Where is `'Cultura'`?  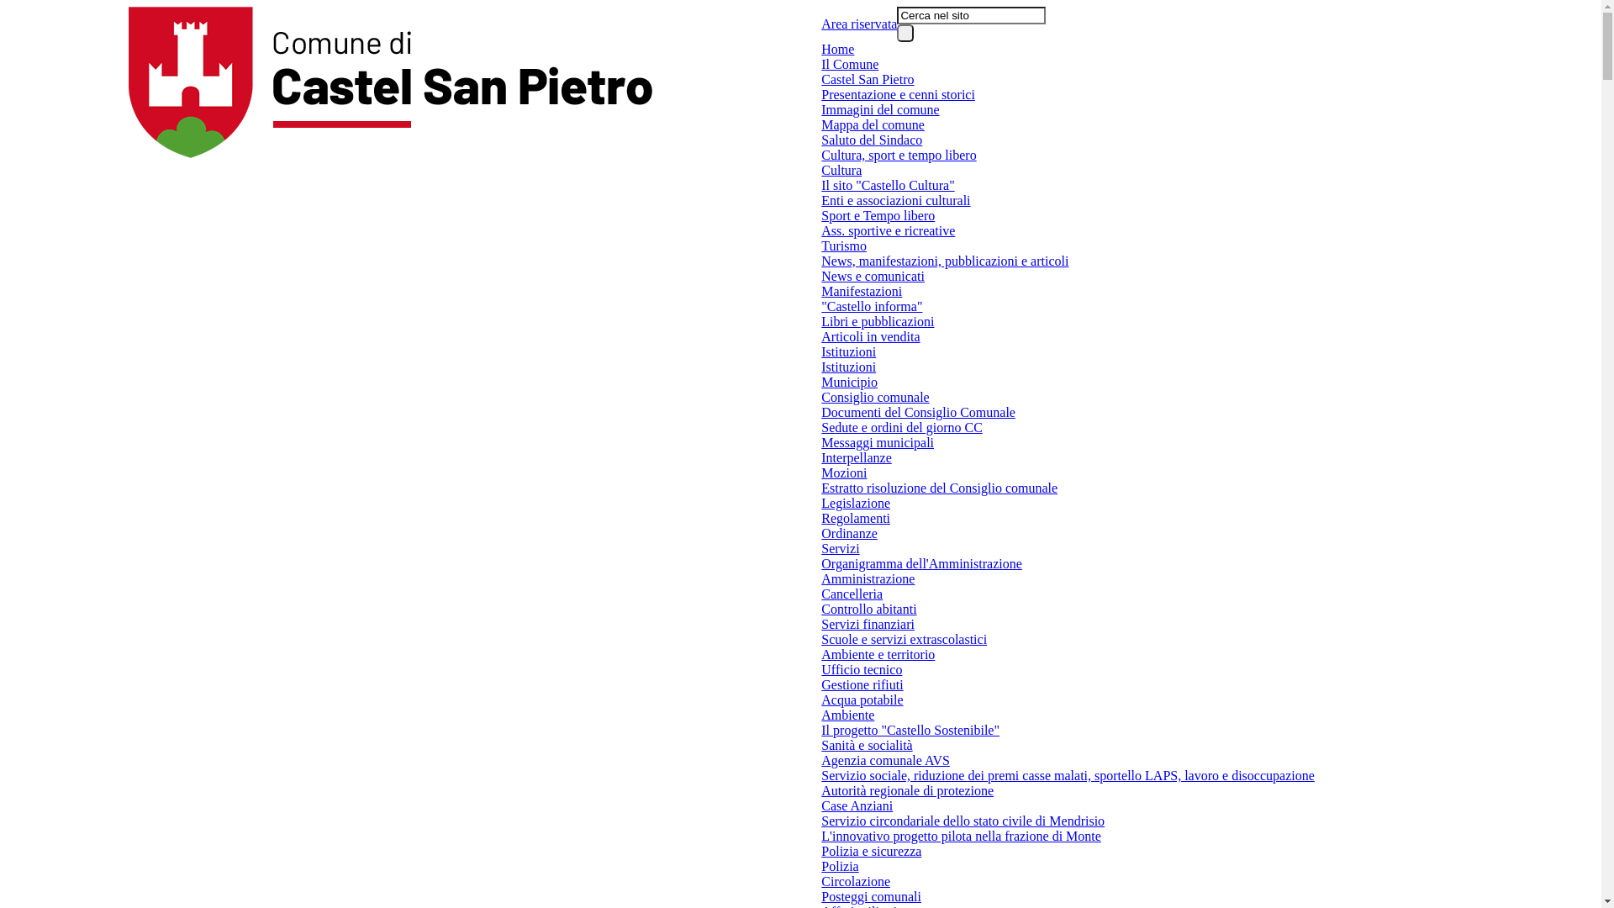
'Cultura' is located at coordinates (841, 171).